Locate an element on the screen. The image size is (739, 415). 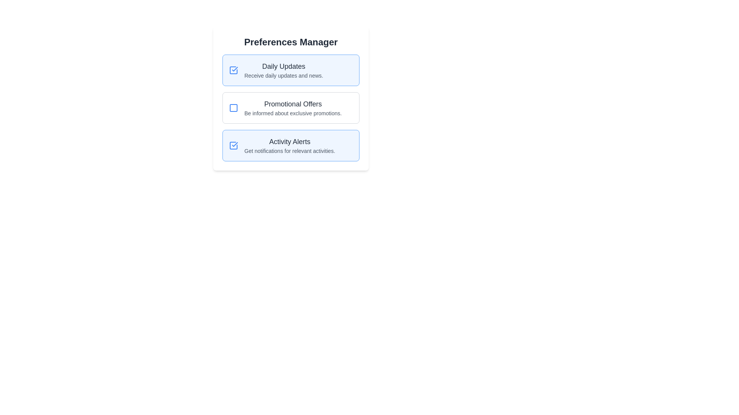
the 'Daily Updates' selectable option panel, which features a blue-themed design with a checkbox and bold text indicating 'Daily Updates'. It is the first item in the list within the 'Preferences Manager' is located at coordinates (290, 70).